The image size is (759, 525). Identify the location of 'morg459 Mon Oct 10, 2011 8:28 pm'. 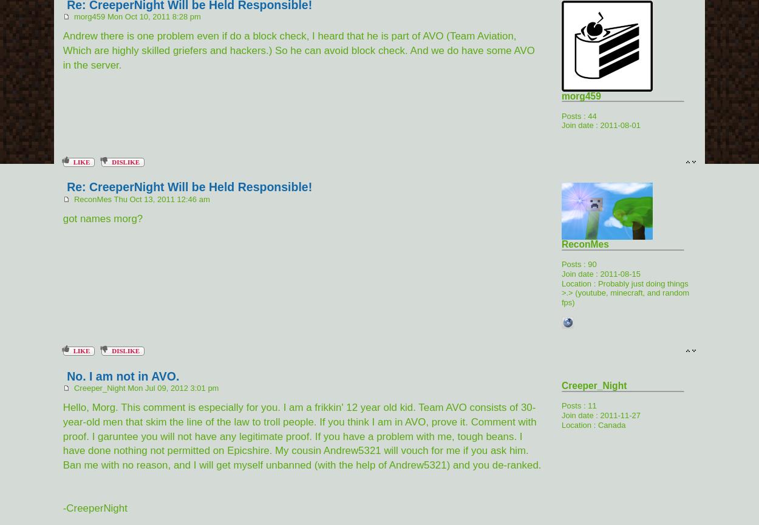
(69, 16).